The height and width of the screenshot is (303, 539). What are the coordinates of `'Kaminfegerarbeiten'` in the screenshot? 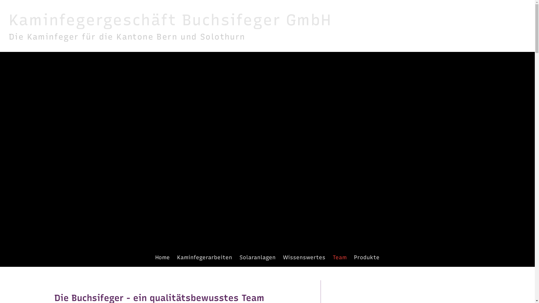 It's located at (204, 257).